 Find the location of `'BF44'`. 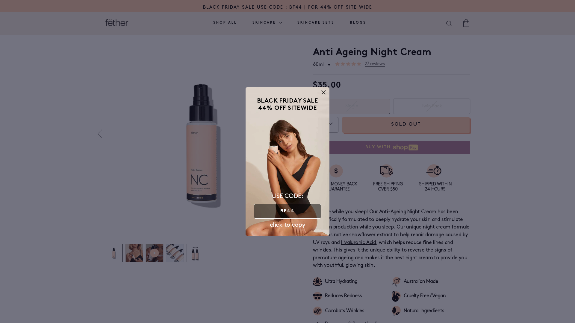

'BF44' is located at coordinates (287, 211).